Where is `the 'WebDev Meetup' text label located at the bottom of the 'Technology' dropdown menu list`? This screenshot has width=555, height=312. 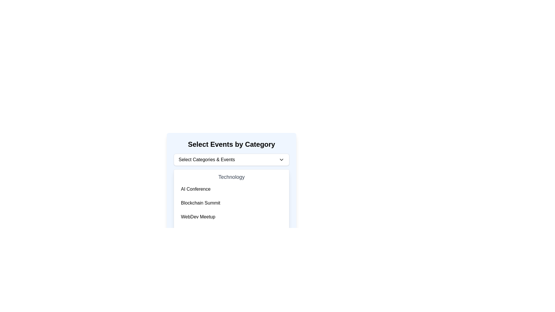 the 'WebDev Meetup' text label located at the bottom of the 'Technology' dropdown menu list is located at coordinates (198, 217).